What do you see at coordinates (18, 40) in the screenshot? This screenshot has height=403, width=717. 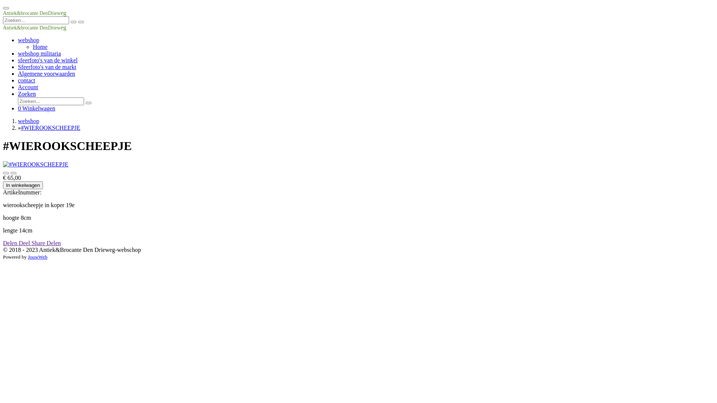 I see `'webshop'` at bounding box center [18, 40].